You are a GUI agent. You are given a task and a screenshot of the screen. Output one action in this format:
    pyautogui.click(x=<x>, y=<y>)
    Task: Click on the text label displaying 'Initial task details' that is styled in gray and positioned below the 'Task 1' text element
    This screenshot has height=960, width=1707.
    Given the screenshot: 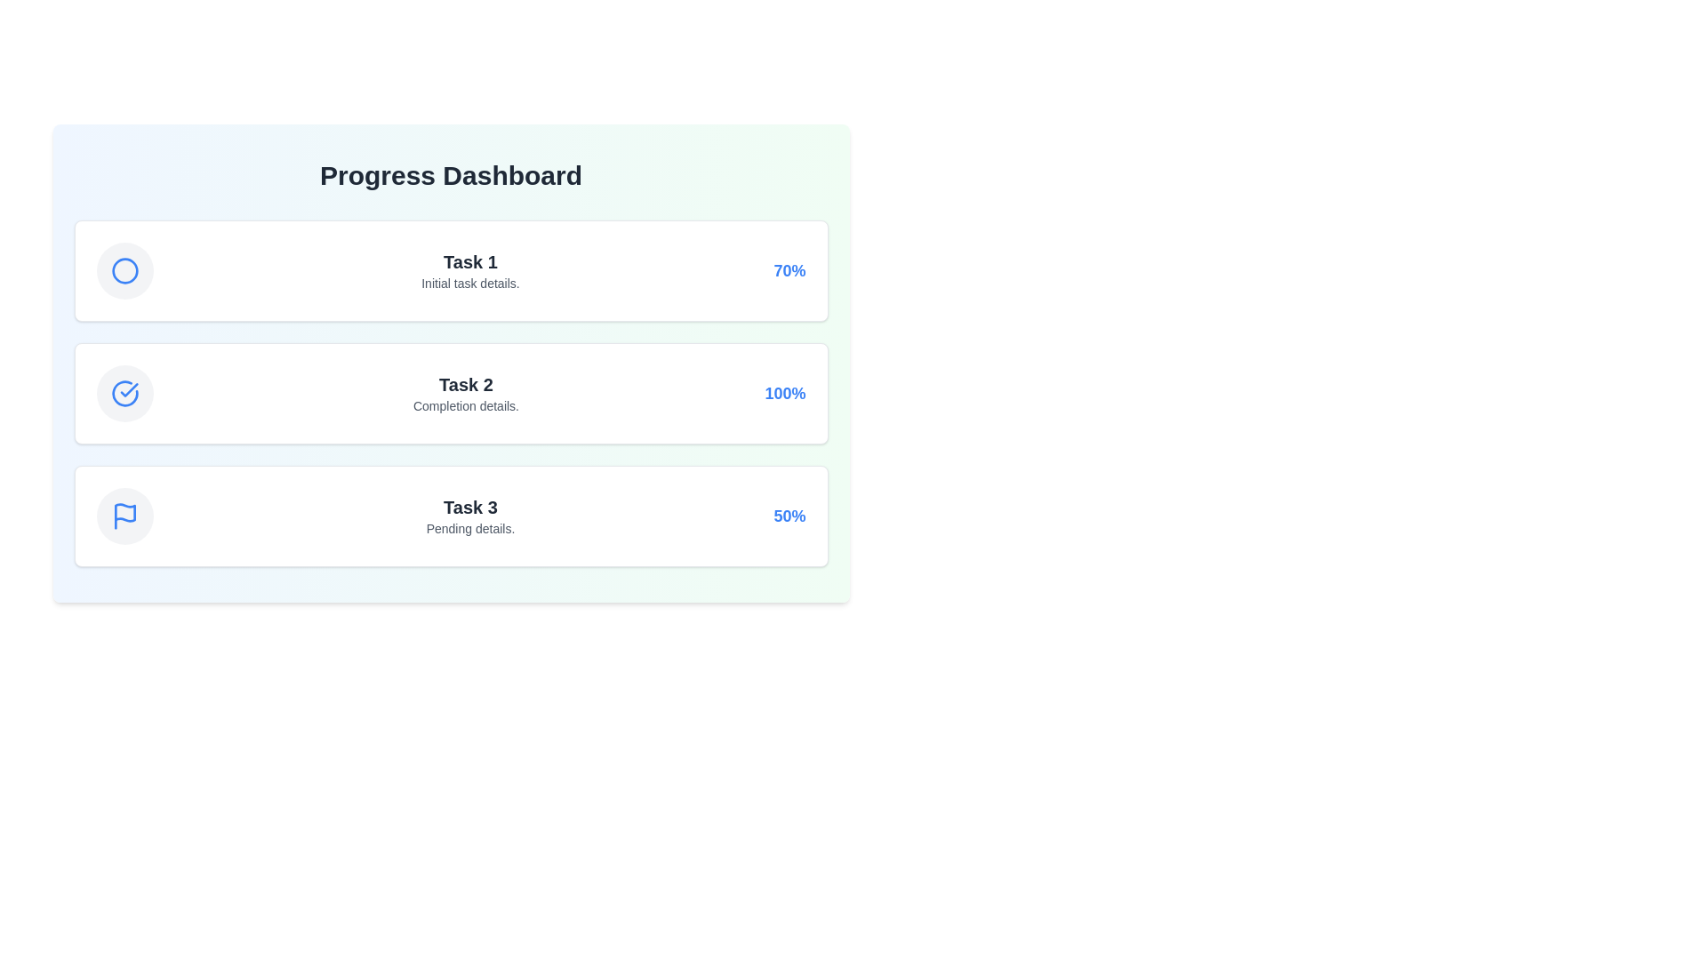 What is the action you would take?
    pyautogui.click(x=470, y=283)
    